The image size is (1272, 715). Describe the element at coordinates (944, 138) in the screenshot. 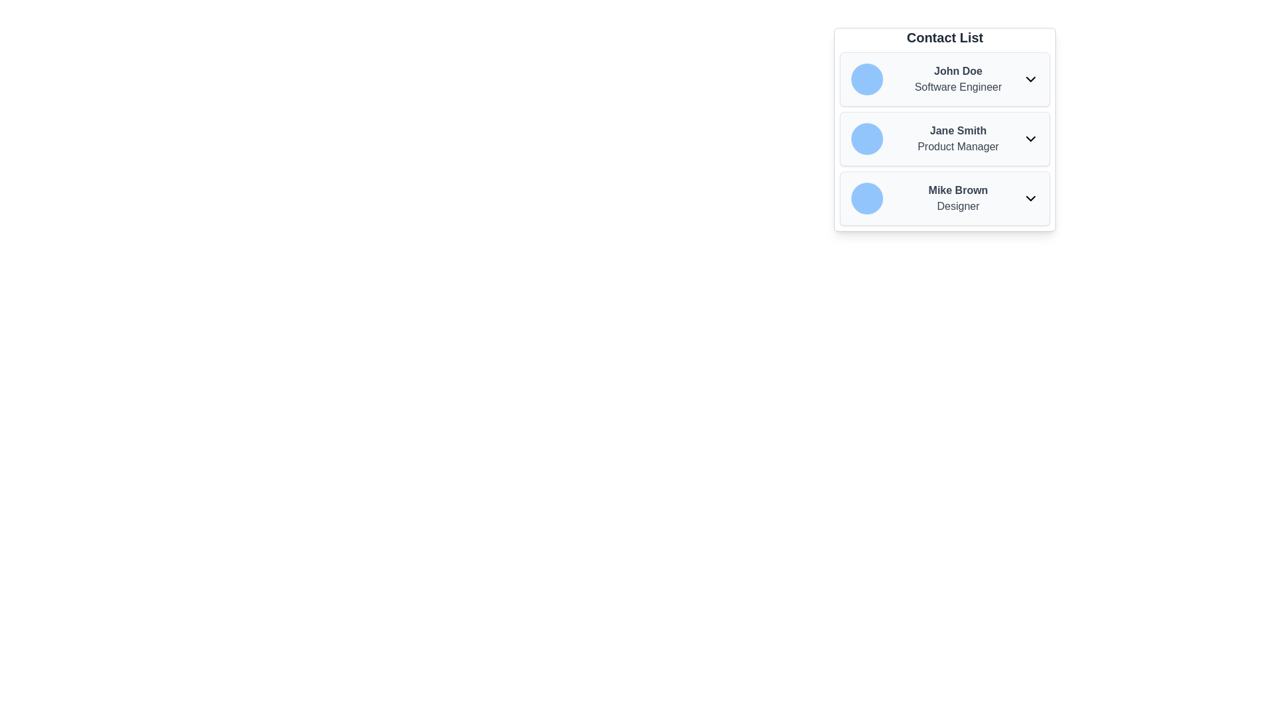

I see `the second contact card for 'Jane Smith'` at that location.